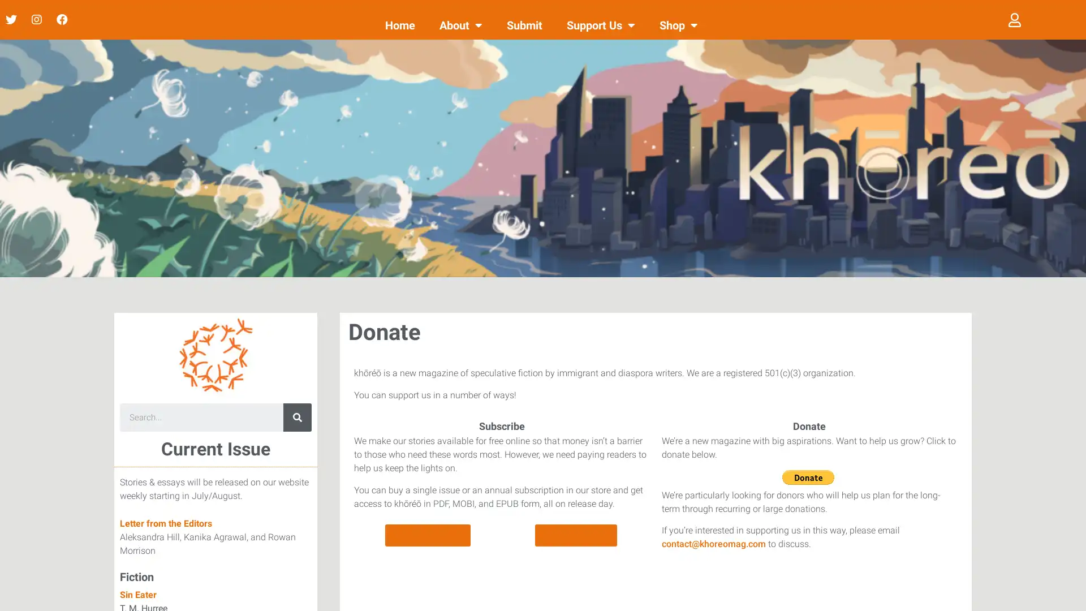 The width and height of the screenshot is (1086, 611). What do you see at coordinates (427, 535) in the screenshot?
I see `In khoreo Store` at bounding box center [427, 535].